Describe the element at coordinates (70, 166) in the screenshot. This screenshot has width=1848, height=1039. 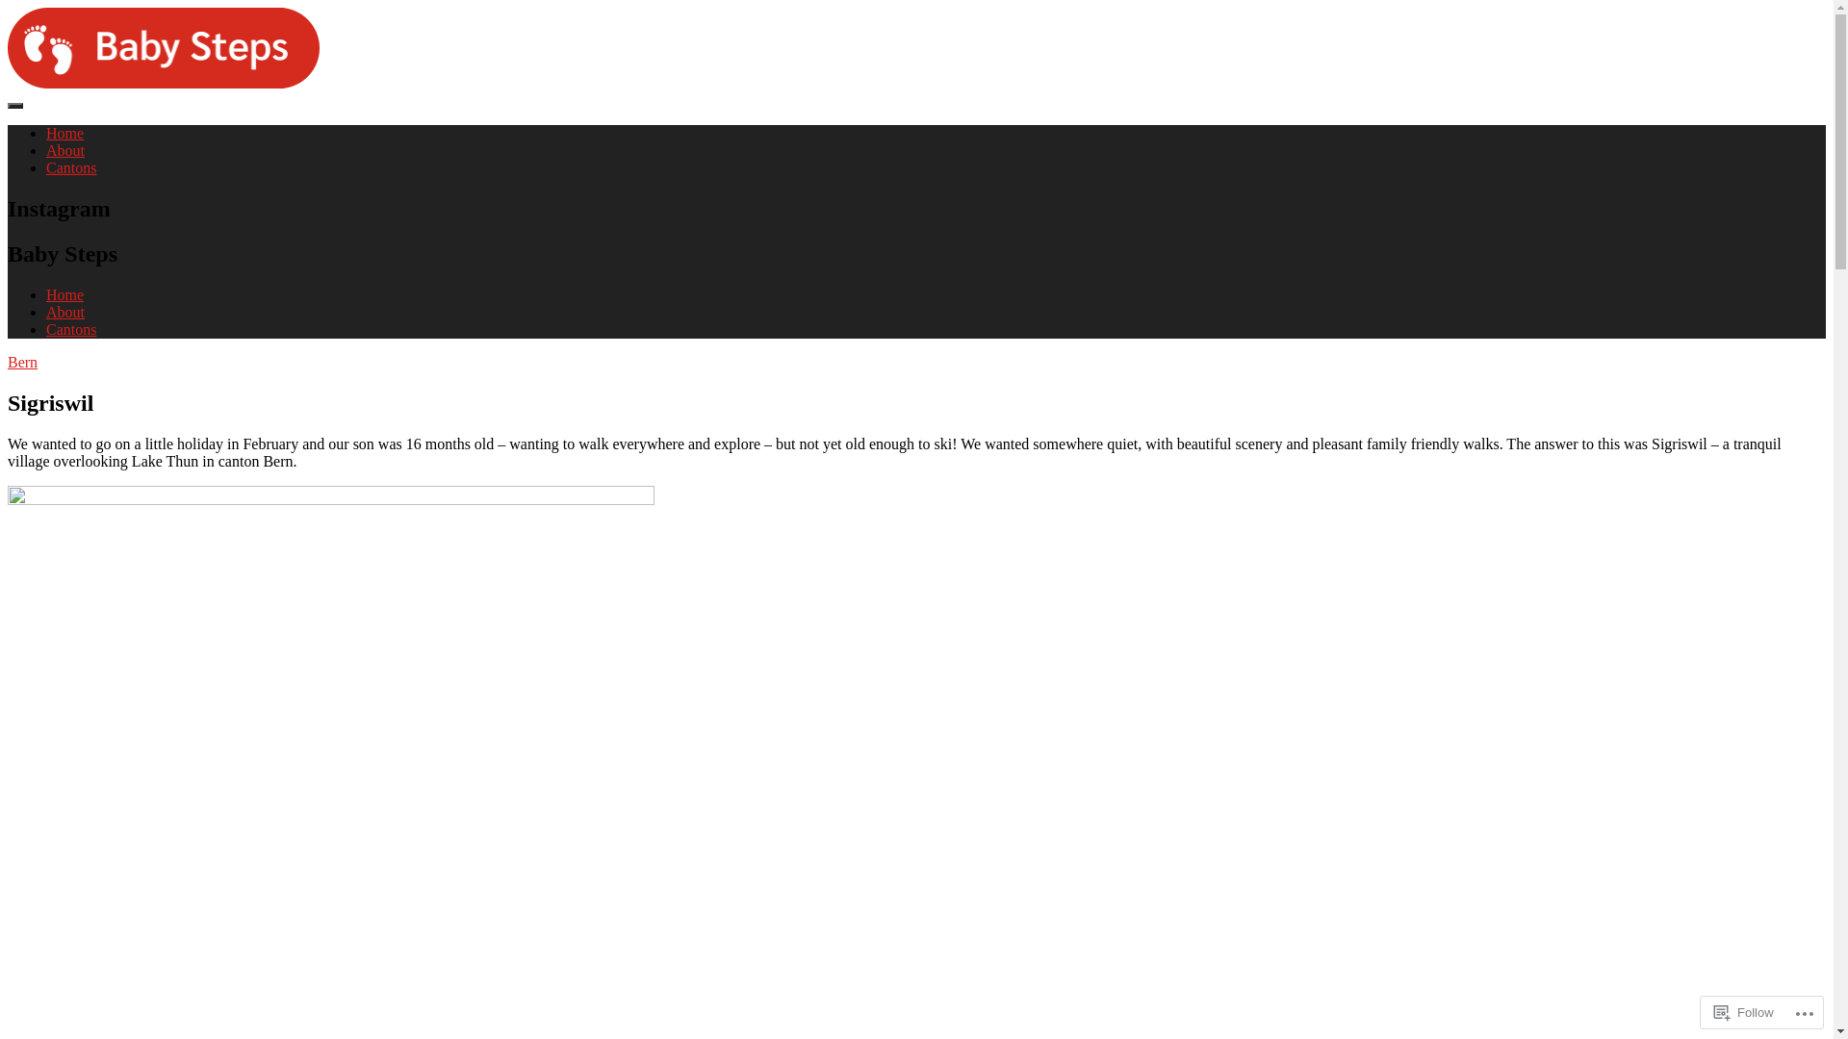
I see `'Cantons'` at that location.